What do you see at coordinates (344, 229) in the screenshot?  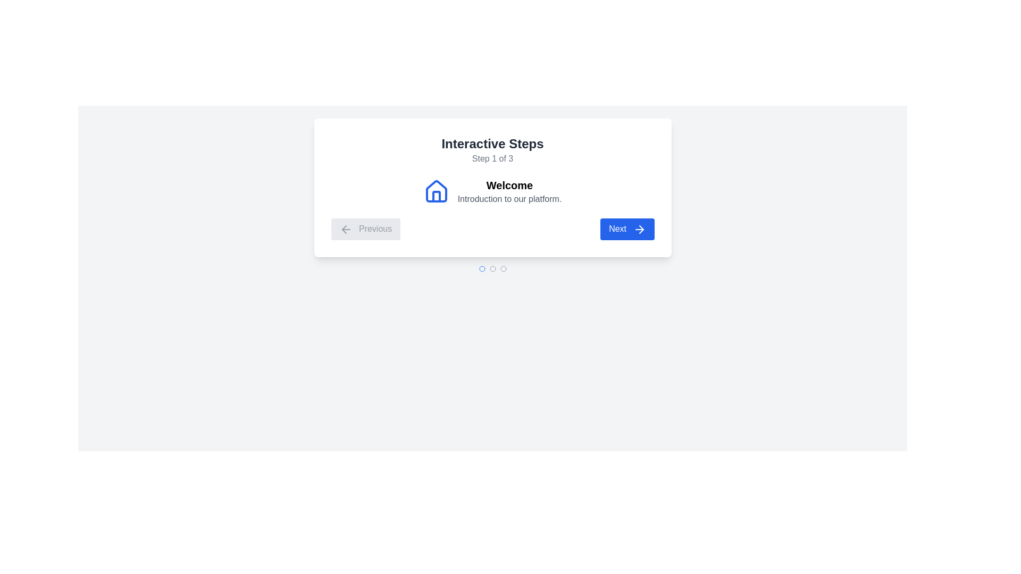 I see `the 'Previous' button located at the bottom left corner of the interactive card` at bounding box center [344, 229].